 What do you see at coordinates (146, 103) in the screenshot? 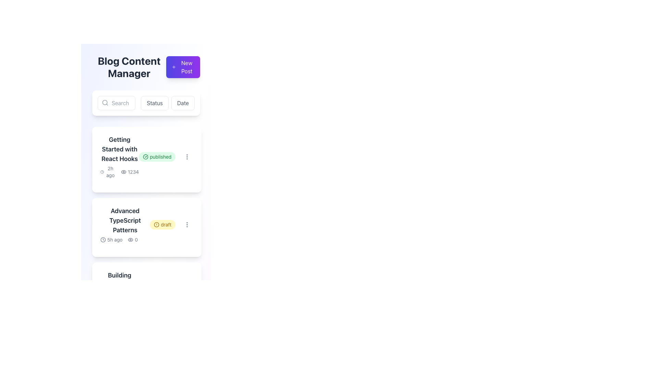
I see `the 'Status' button, which is the second button in a series of three, featuring a white background and gray text, located under the 'Blog Content Manager' heading` at bounding box center [146, 103].